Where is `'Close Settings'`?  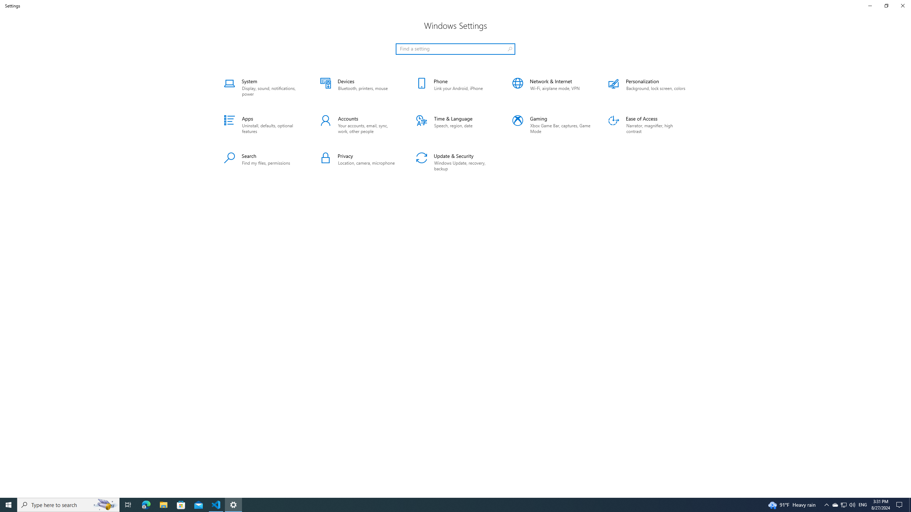 'Close Settings' is located at coordinates (902, 5).